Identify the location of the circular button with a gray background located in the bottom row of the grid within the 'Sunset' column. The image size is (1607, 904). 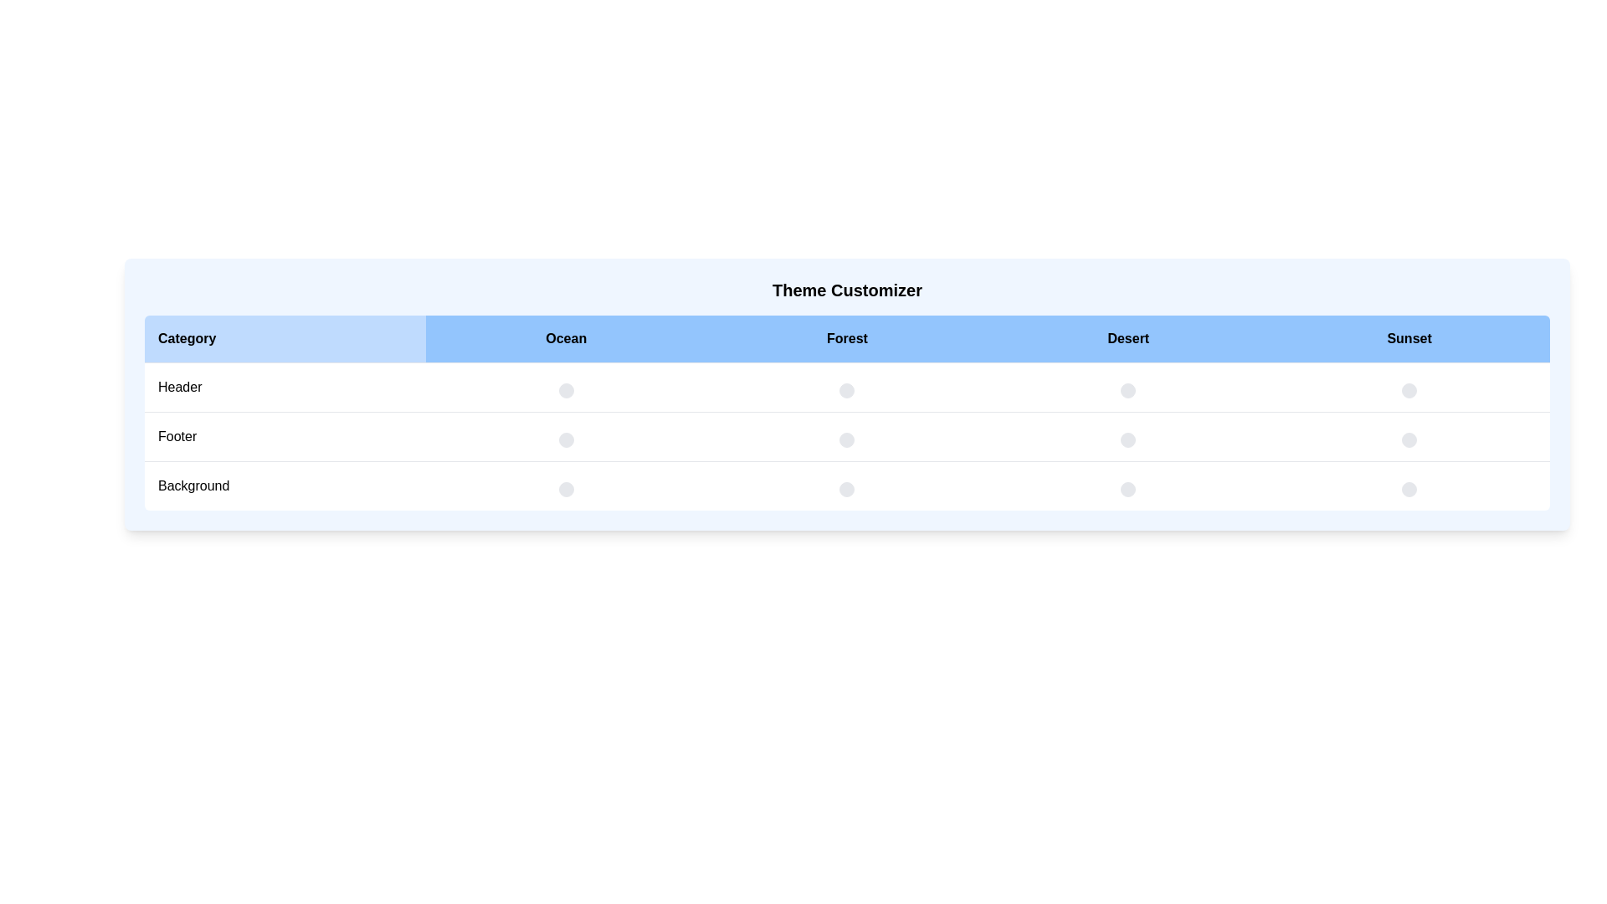
(1409, 439).